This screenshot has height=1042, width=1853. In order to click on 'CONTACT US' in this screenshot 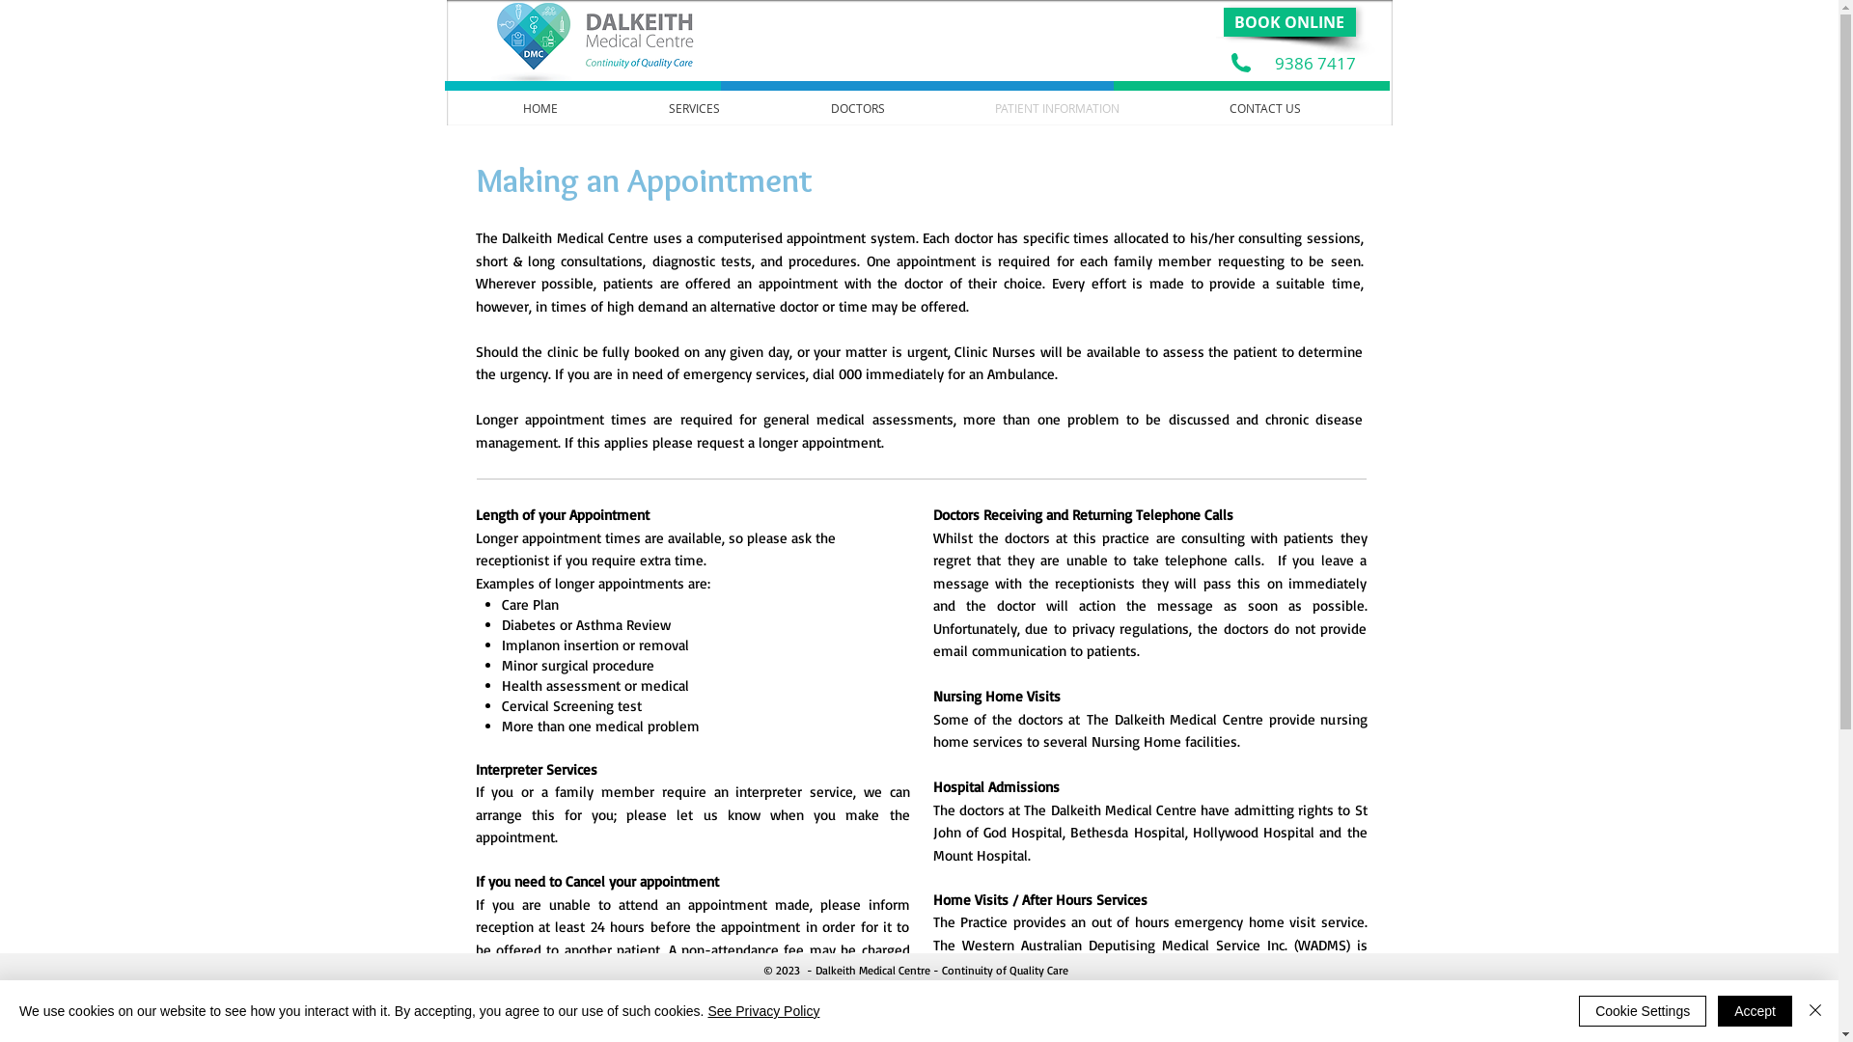, I will do `click(1264, 107)`.